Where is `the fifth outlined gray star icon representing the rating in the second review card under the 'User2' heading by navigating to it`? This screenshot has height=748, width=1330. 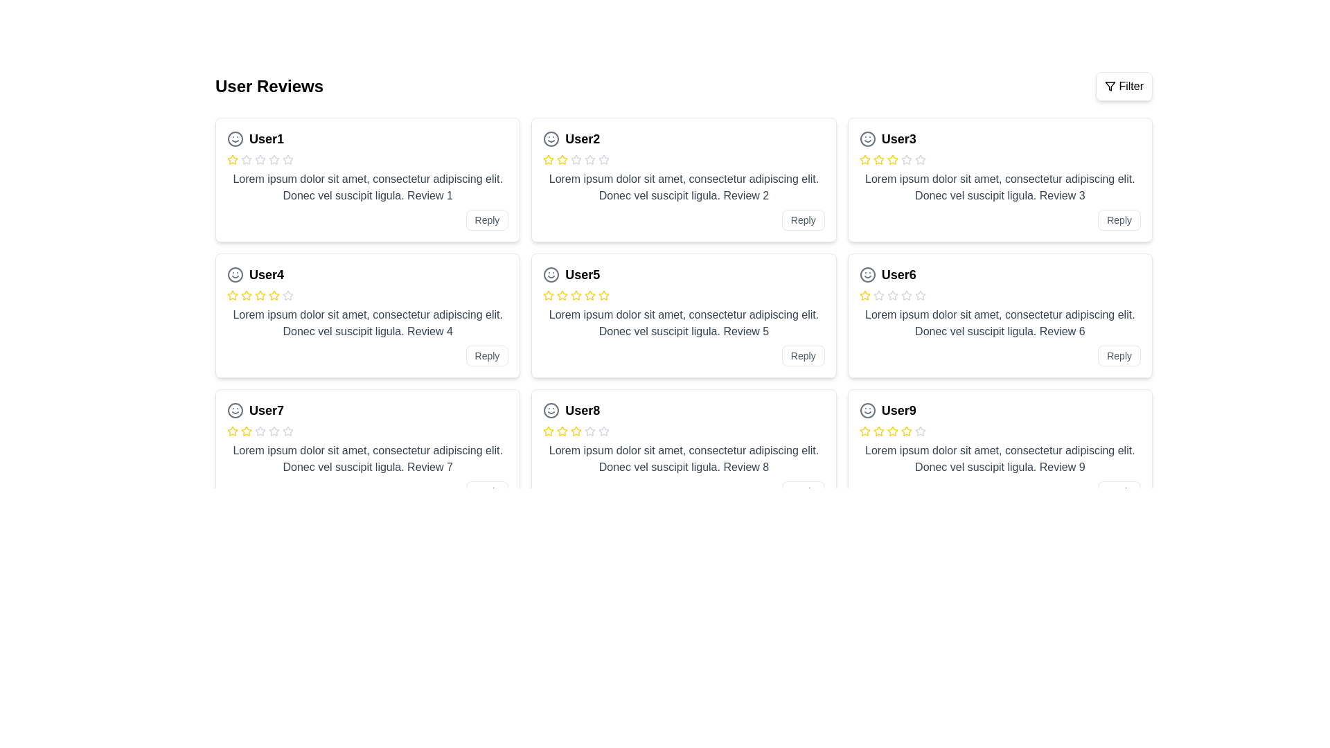 the fifth outlined gray star icon representing the rating in the second review card under the 'User2' heading by navigating to it is located at coordinates (604, 159).